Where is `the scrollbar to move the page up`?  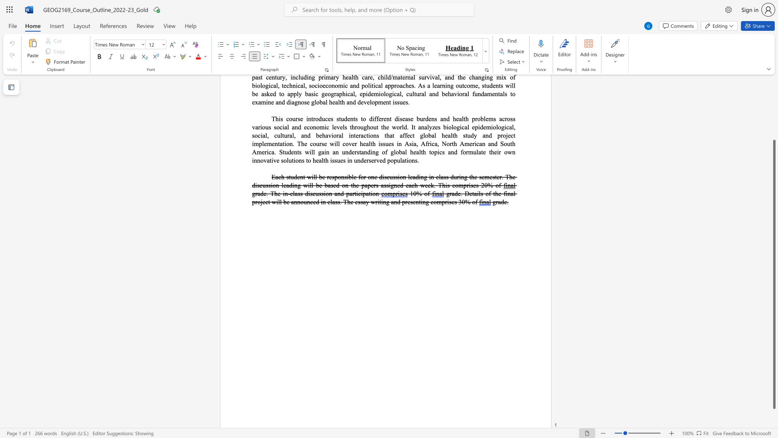 the scrollbar to move the page up is located at coordinates (774, 109).